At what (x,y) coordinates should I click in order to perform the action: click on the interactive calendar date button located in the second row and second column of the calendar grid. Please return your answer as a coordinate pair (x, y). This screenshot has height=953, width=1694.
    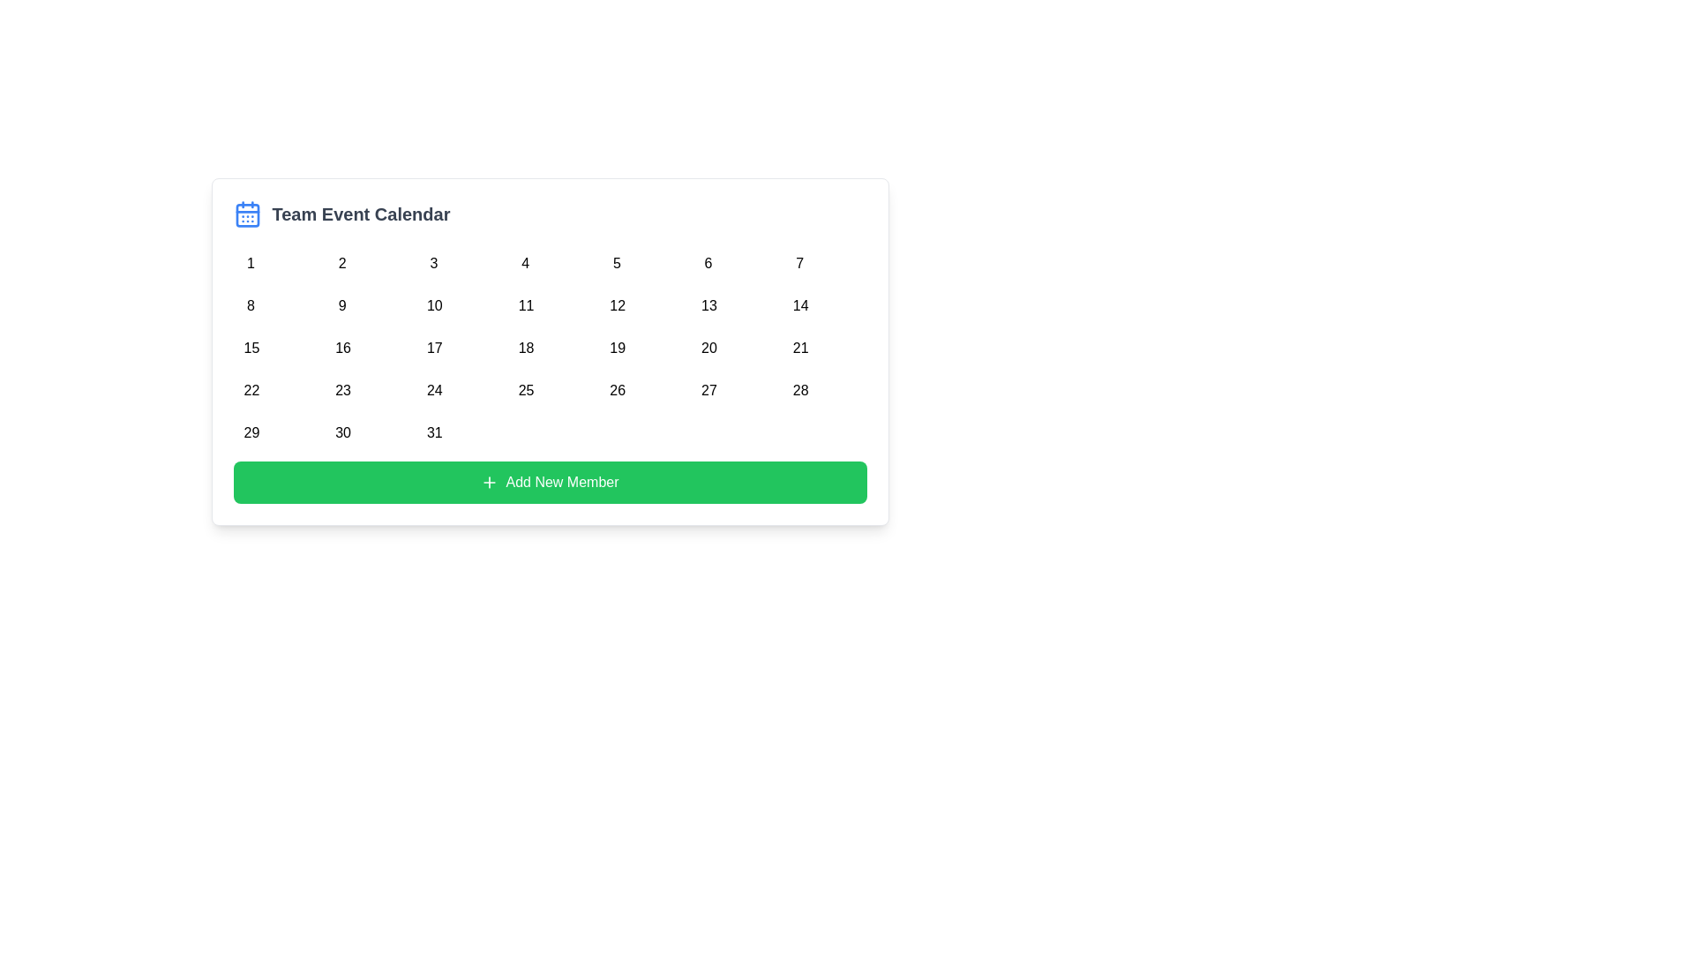
    Looking at the image, I should click on (342, 302).